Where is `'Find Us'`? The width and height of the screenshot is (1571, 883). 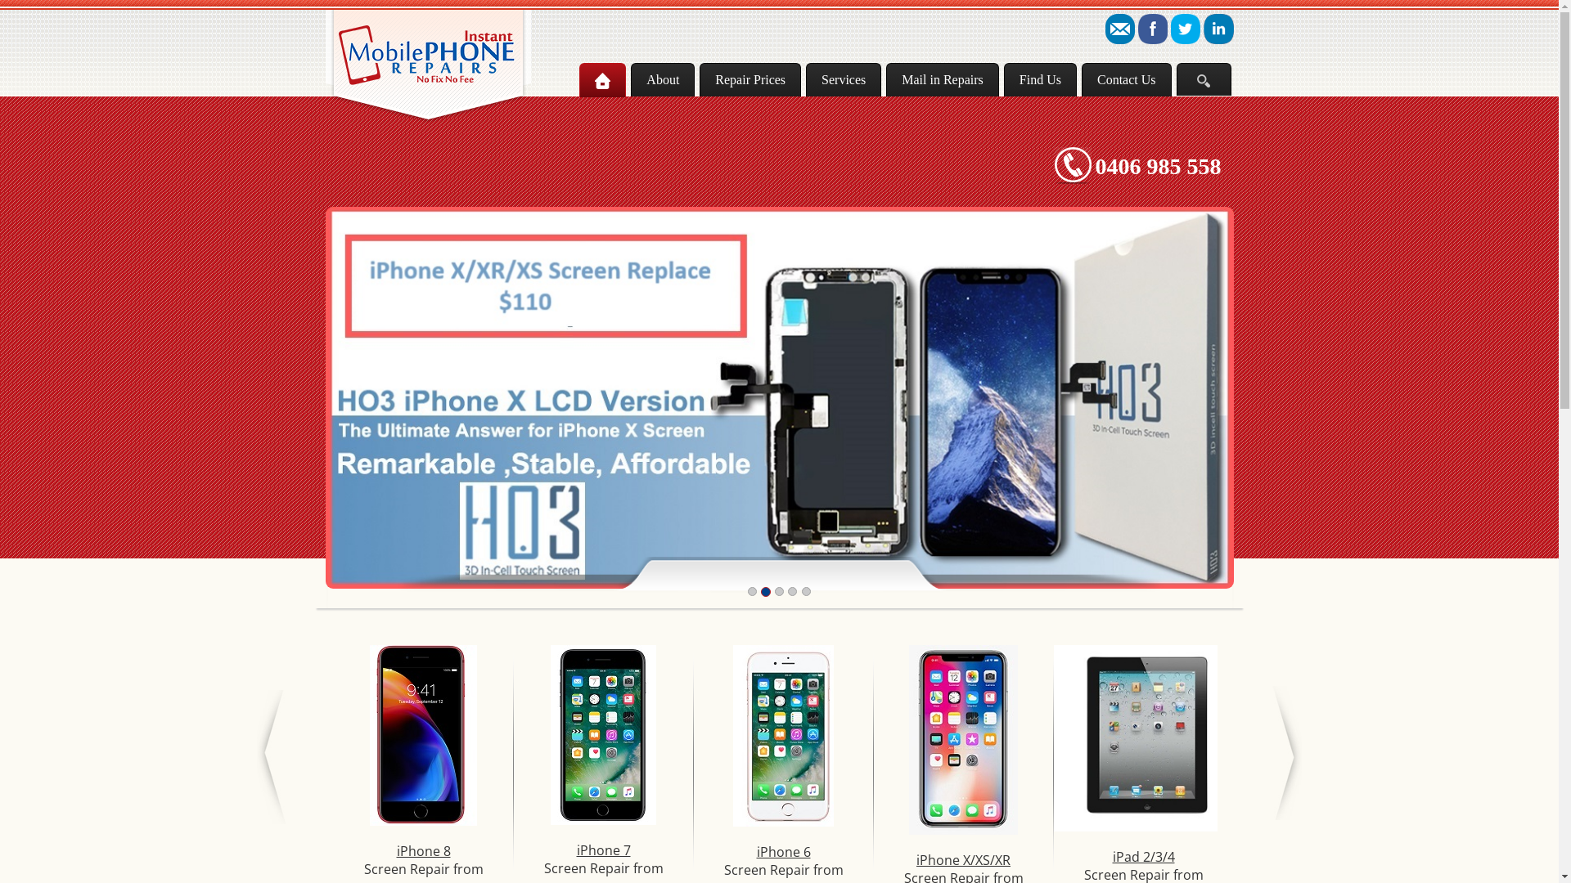
'Find Us' is located at coordinates (1039, 79).